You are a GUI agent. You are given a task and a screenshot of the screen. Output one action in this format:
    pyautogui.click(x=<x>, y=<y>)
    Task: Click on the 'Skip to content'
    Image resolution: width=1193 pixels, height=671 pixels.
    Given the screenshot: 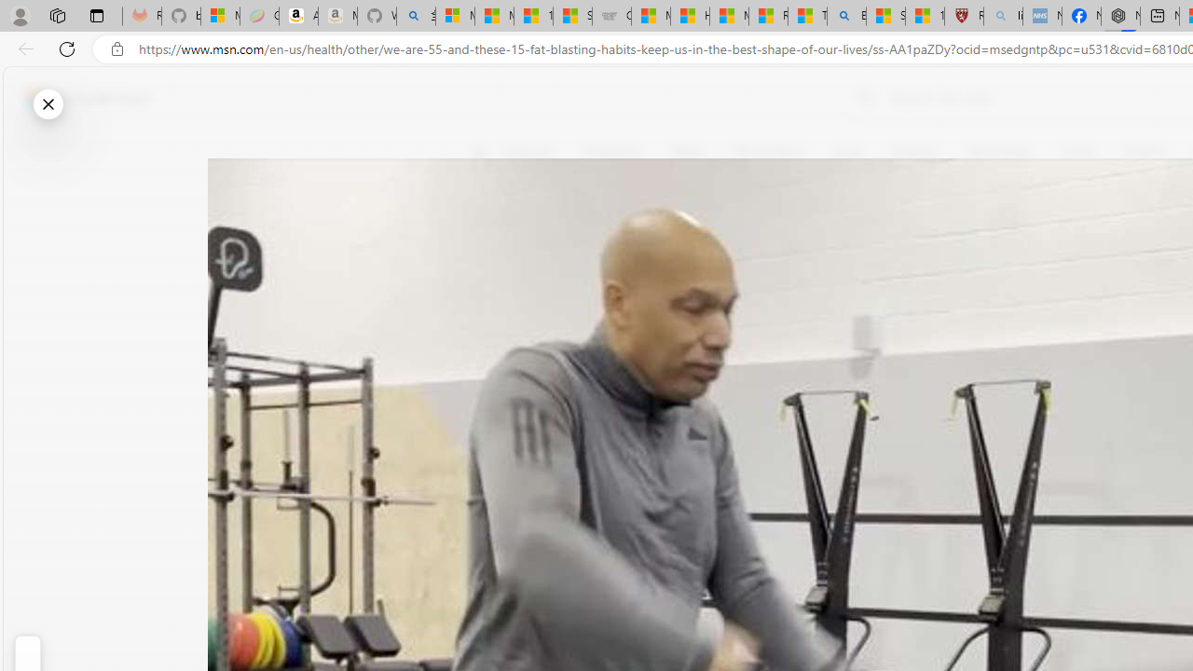 What is the action you would take?
    pyautogui.click(x=80, y=98)
    